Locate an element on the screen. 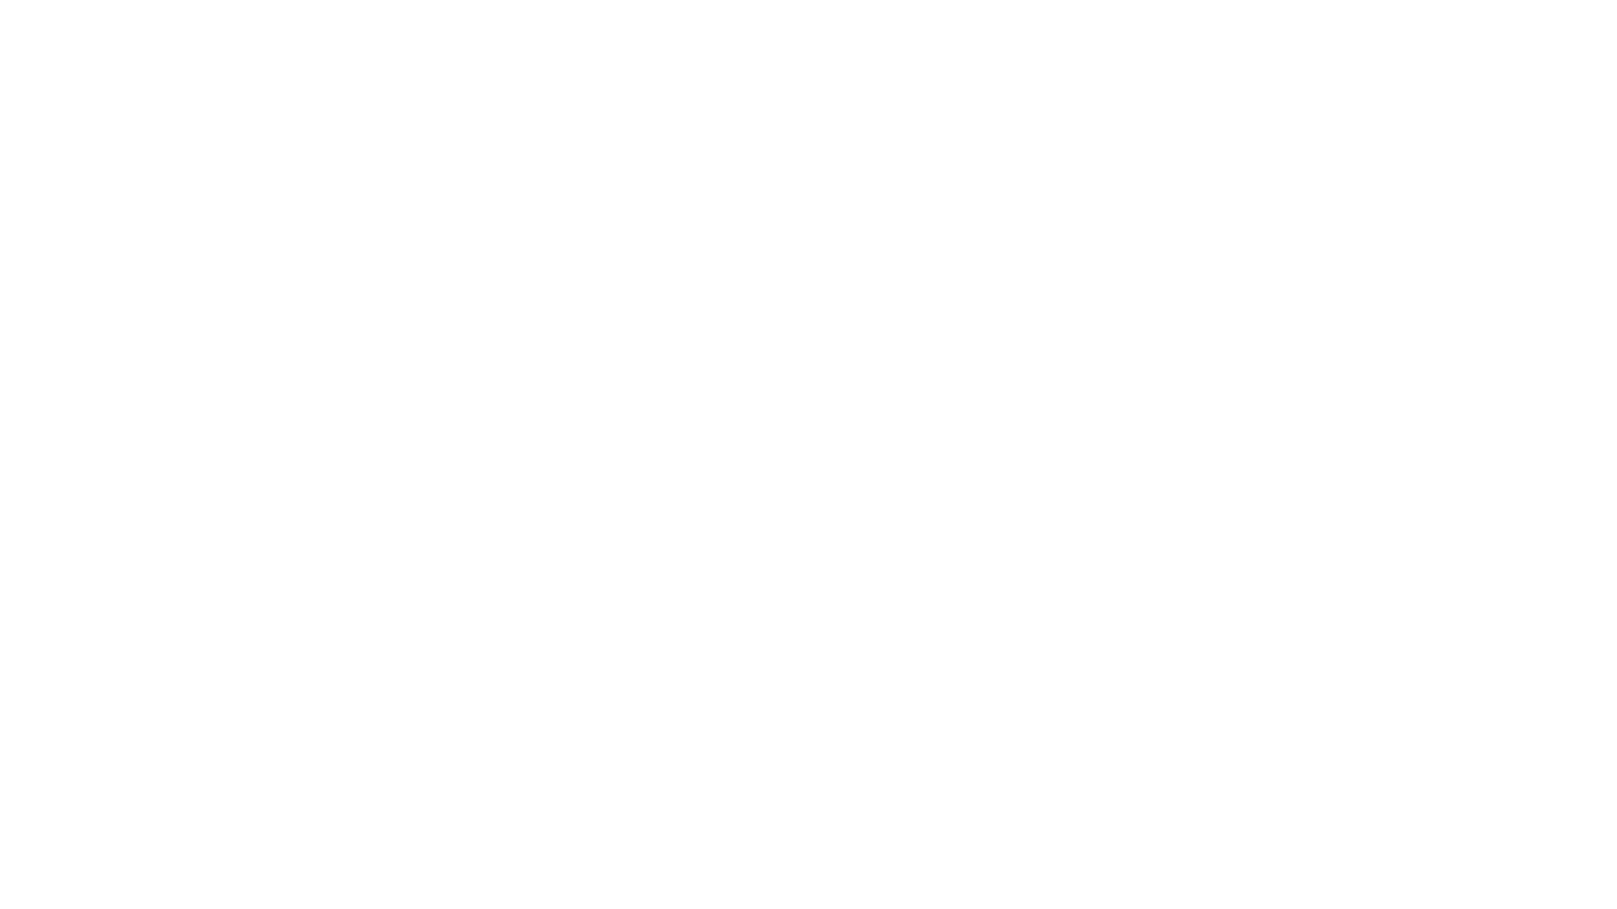 This screenshot has width=1617, height=909. CAMPUS is located at coordinates (712, 129).